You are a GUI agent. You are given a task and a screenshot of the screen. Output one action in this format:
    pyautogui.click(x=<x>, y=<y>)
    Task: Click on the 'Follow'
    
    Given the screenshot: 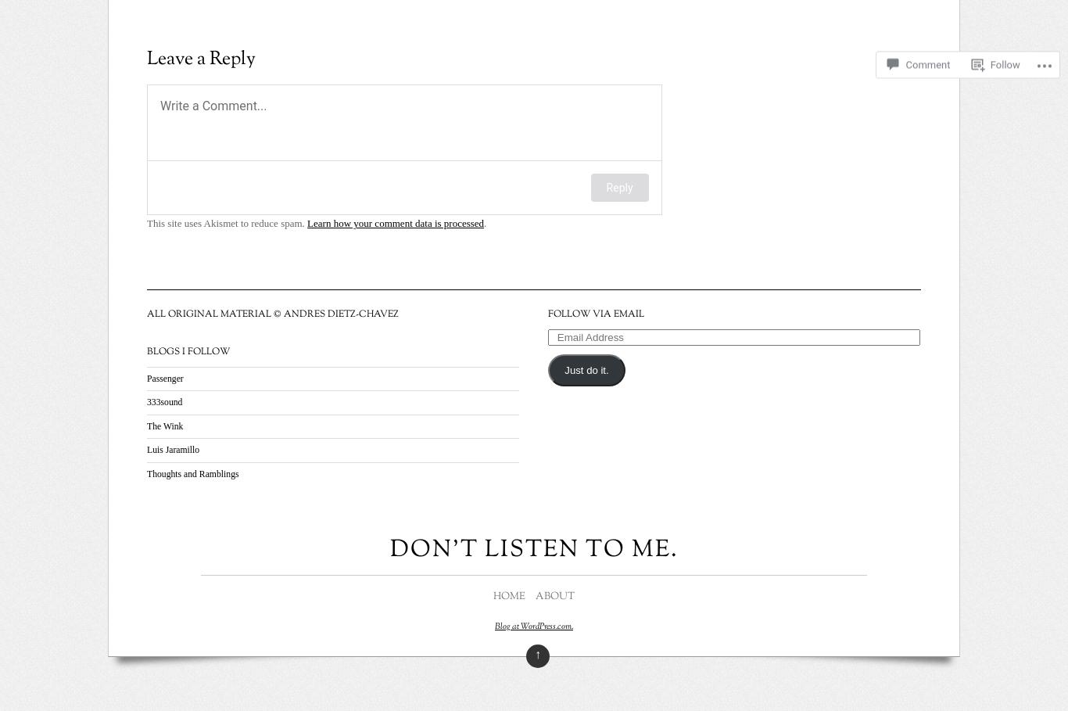 What is the action you would take?
    pyautogui.click(x=1003, y=49)
    